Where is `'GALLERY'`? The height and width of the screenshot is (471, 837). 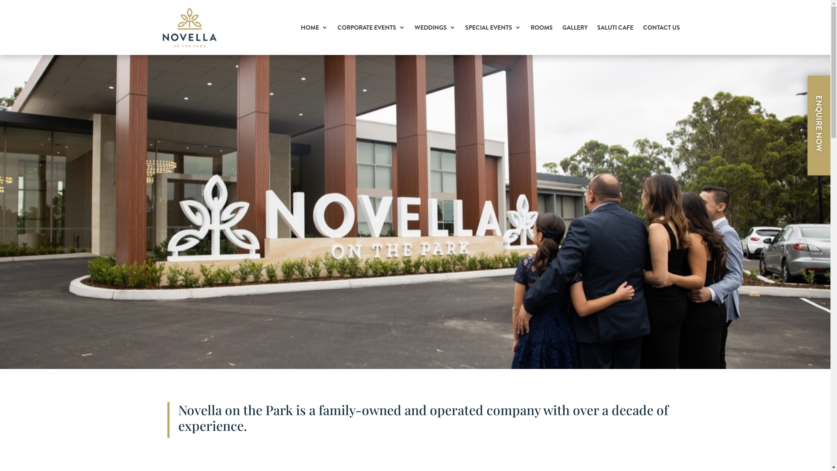
'GALLERY' is located at coordinates (575, 27).